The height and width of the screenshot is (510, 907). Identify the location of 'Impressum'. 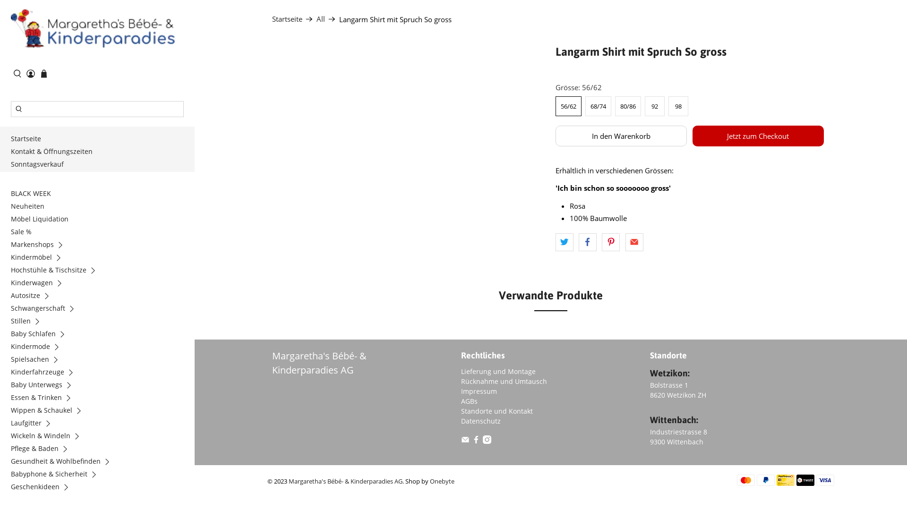
(479, 391).